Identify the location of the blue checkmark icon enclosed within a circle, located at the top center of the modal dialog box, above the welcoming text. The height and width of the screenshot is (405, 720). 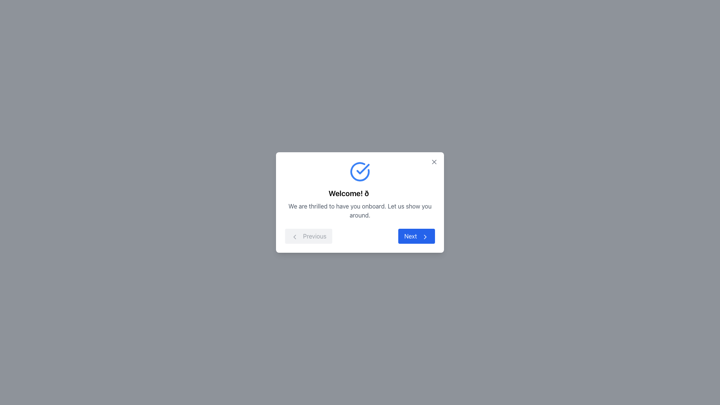
(360, 172).